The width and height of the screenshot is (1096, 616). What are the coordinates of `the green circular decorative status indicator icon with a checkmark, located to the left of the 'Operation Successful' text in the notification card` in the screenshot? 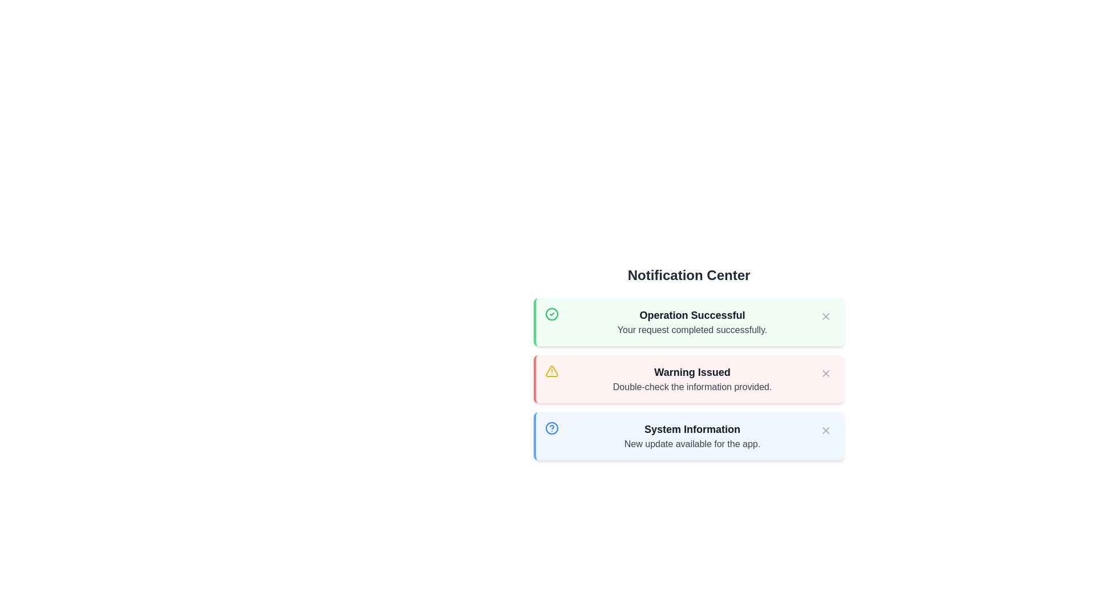 It's located at (551, 314).